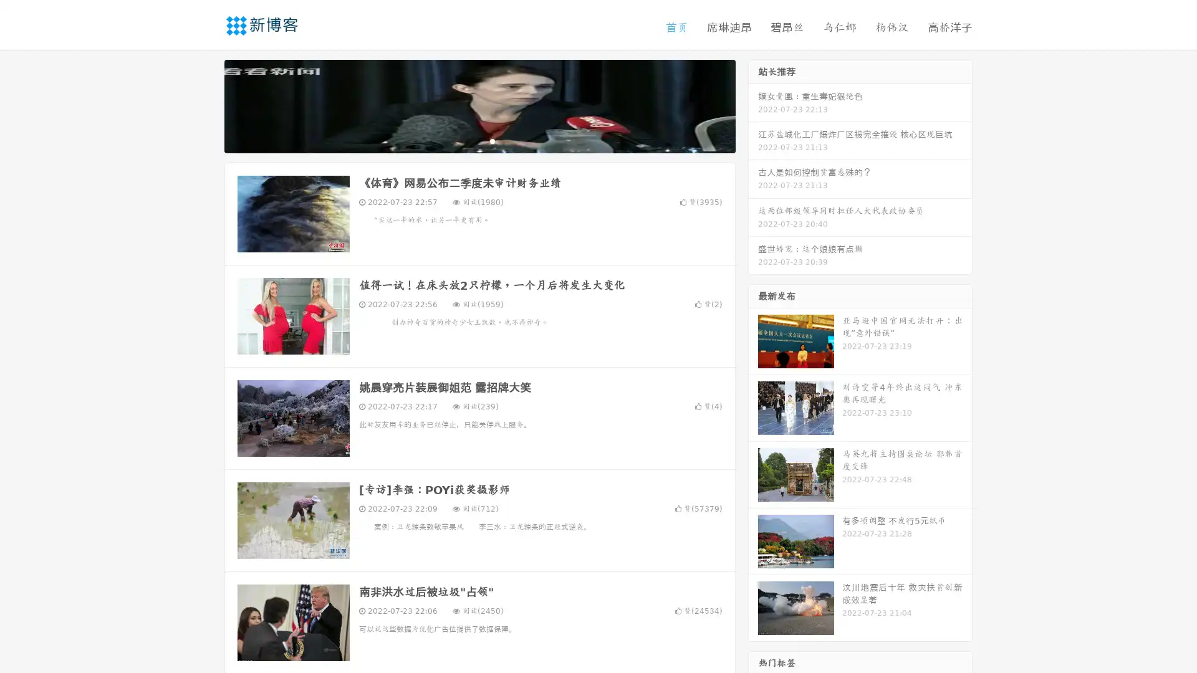  I want to click on Go to slide 3, so click(492, 140).